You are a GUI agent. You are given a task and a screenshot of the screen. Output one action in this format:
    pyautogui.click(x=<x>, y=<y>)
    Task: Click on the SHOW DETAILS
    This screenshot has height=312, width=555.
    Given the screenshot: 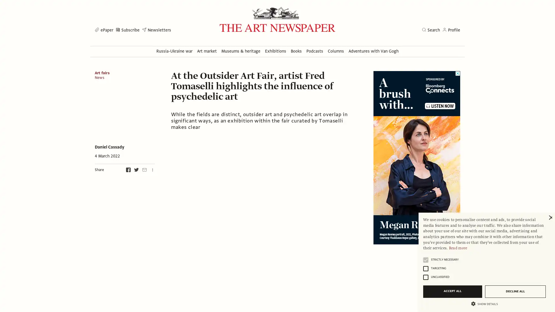 What is the action you would take?
    pyautogui.click(x=484, y=303)
    